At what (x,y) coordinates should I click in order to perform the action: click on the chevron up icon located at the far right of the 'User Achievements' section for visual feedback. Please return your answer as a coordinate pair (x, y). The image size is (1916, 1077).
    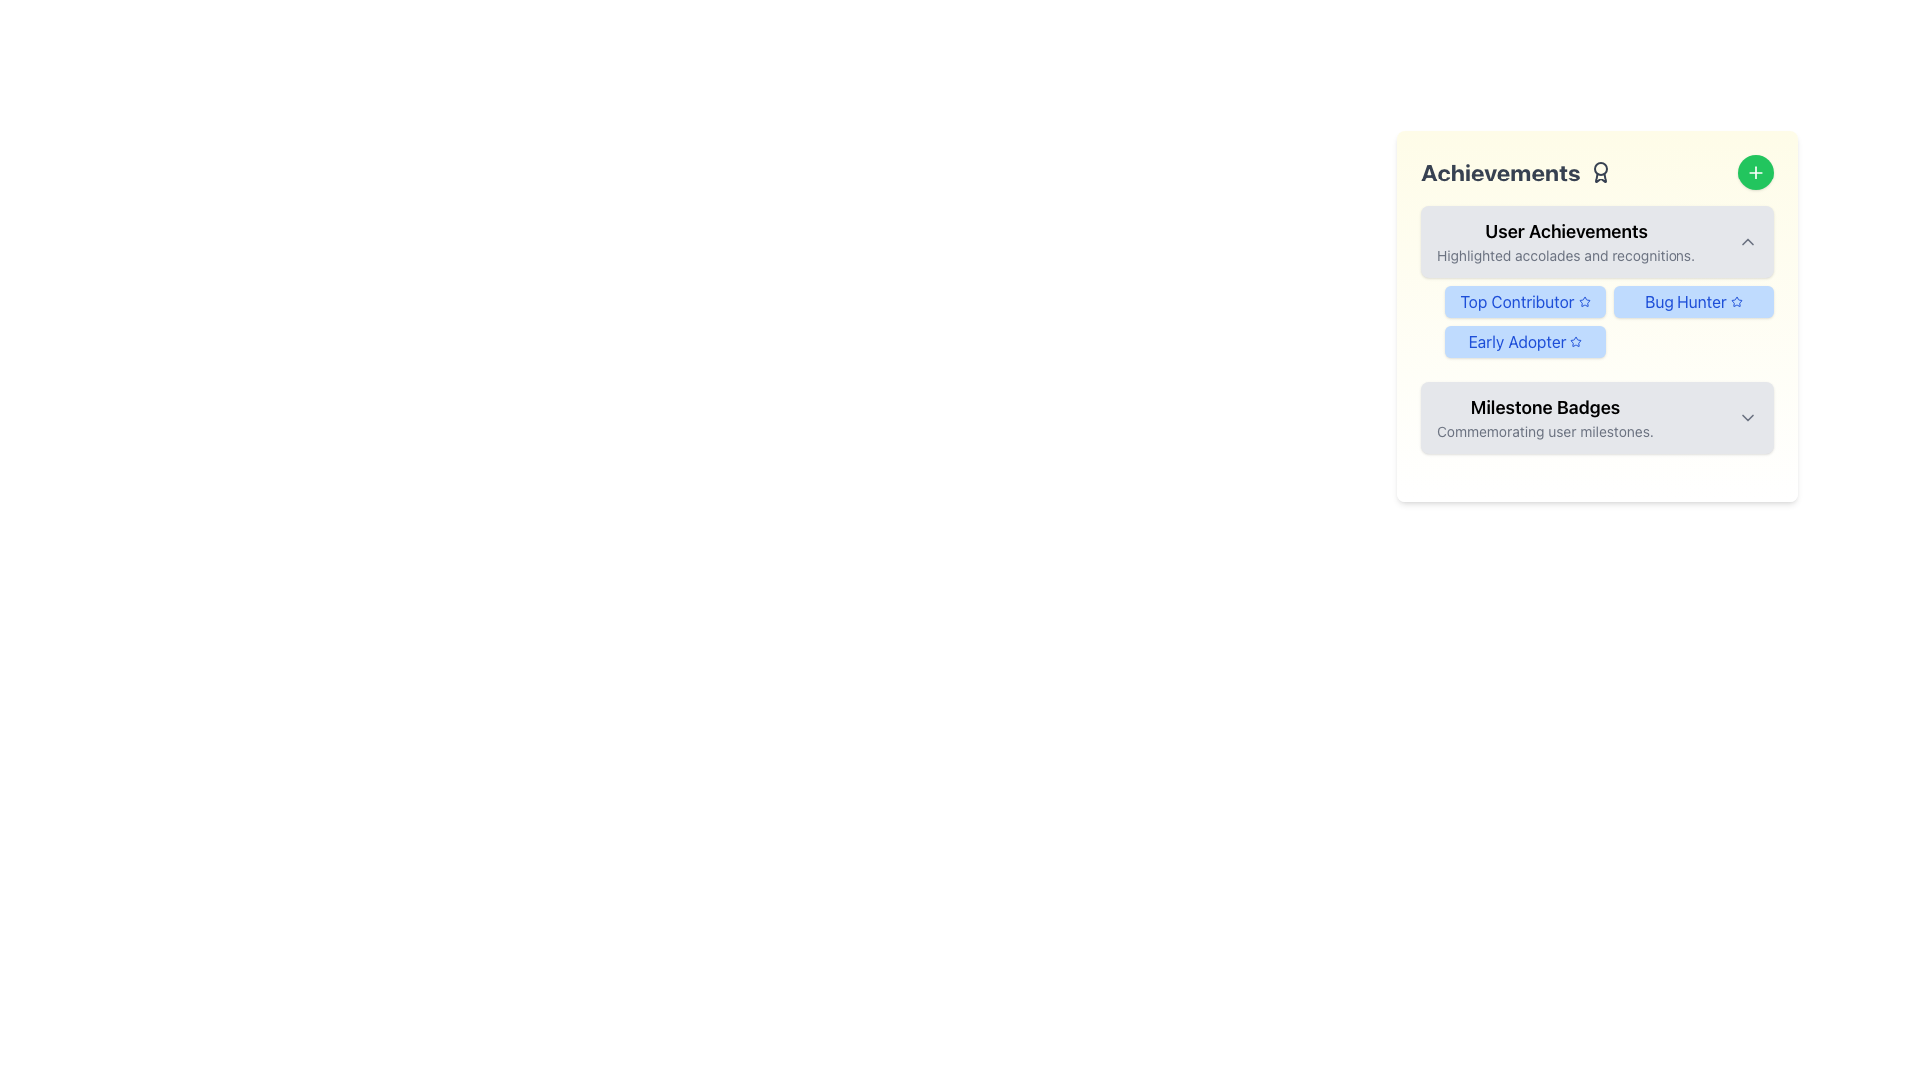
    Looking at the image, I should click on (1747, 241).